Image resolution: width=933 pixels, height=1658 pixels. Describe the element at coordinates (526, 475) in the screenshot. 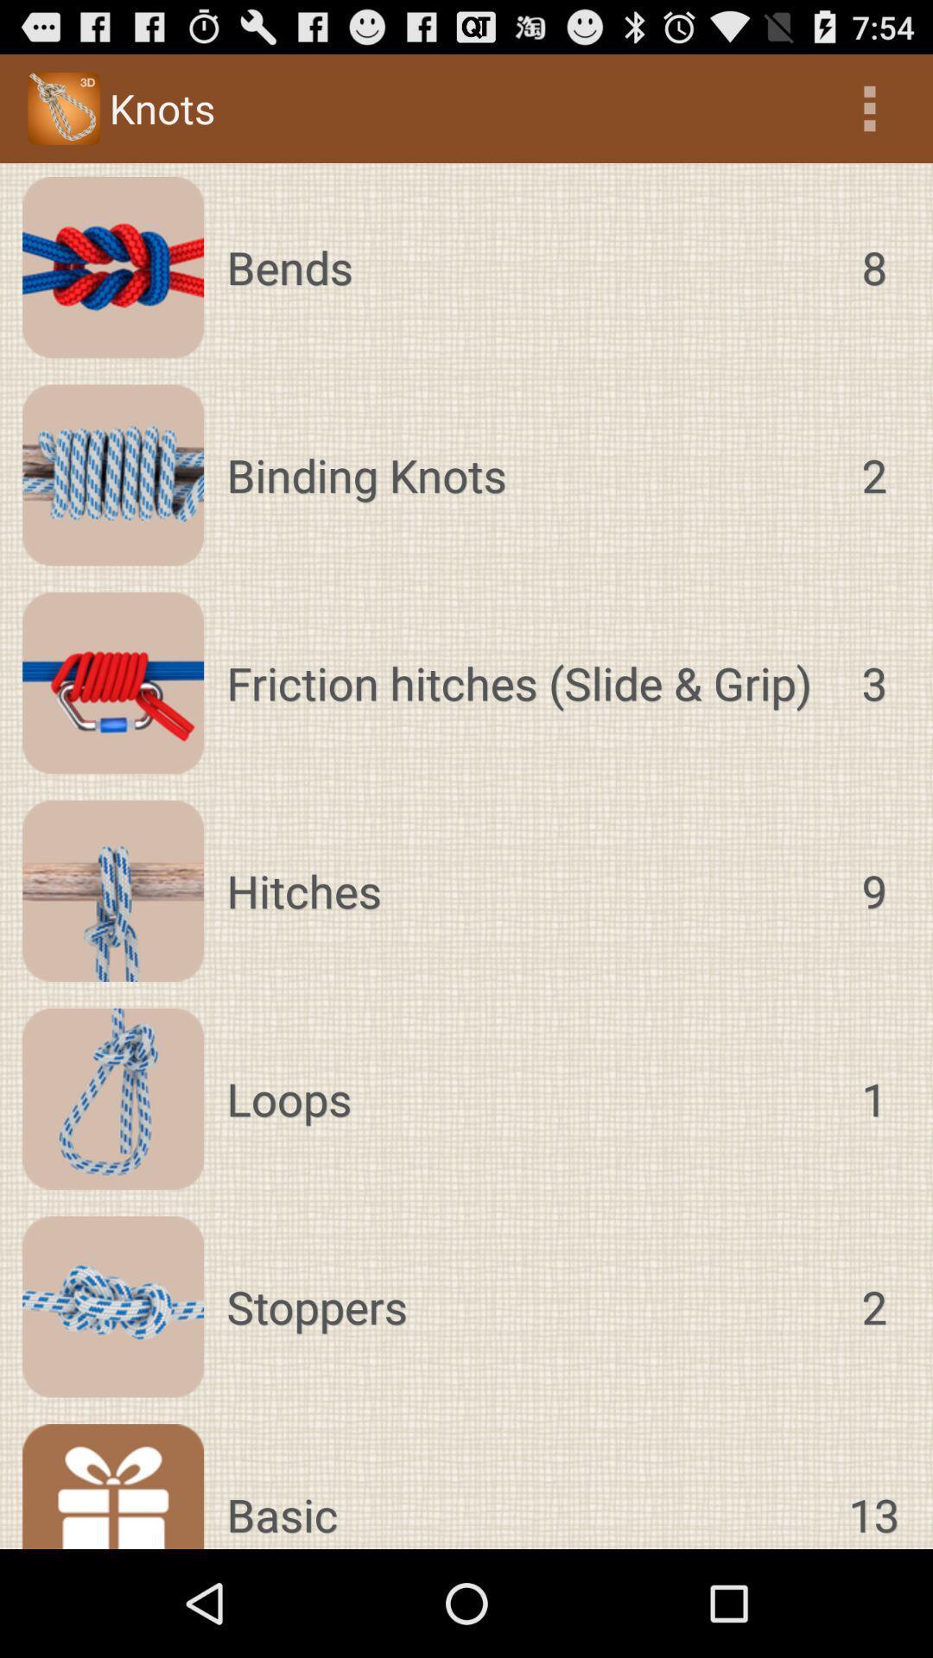

I see `app next to the 2 item` at that location.